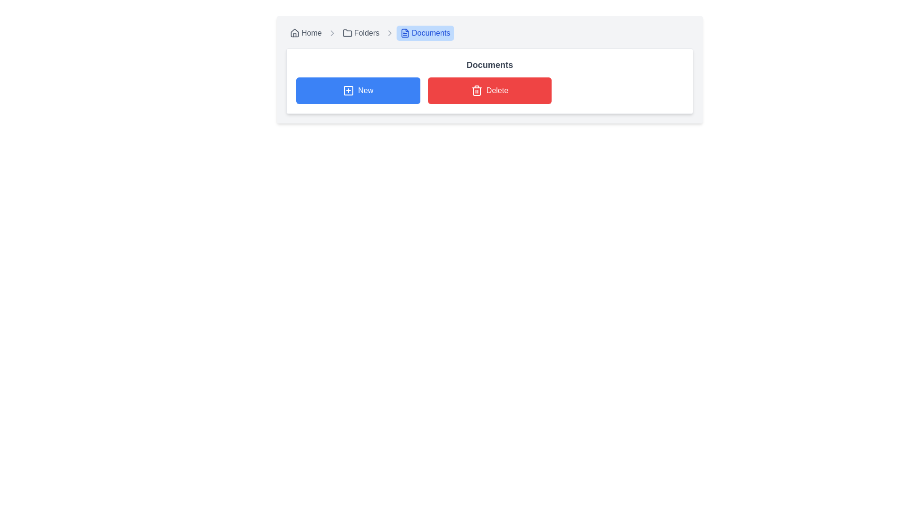 This screenshot has width=913, height=513. I want to click on the Home icon, which is shaped like a house and located at the top-left corner of the navigation bar, near the breadcrumb links labeled 'Home', 'Folders', and 'Documents', so click(294, 32).